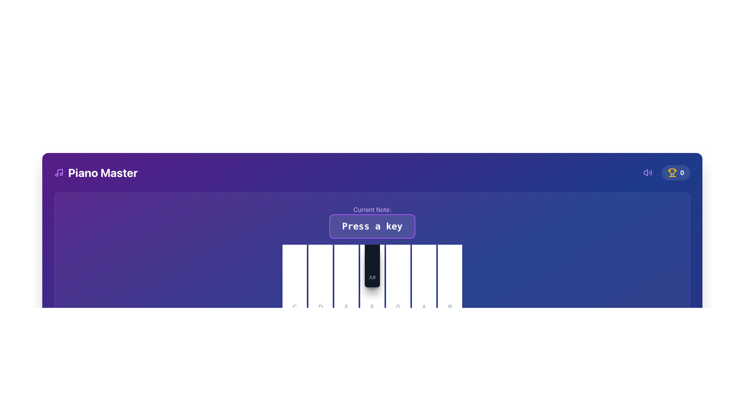  What do you see at coordinates (346, 281) in the screenshot?
I see `the third white piano key, which is visually represented by a vertically oriented rectangle with a white background and a gray letter 'E' at the bottom center` at bounding box center [346, 281].